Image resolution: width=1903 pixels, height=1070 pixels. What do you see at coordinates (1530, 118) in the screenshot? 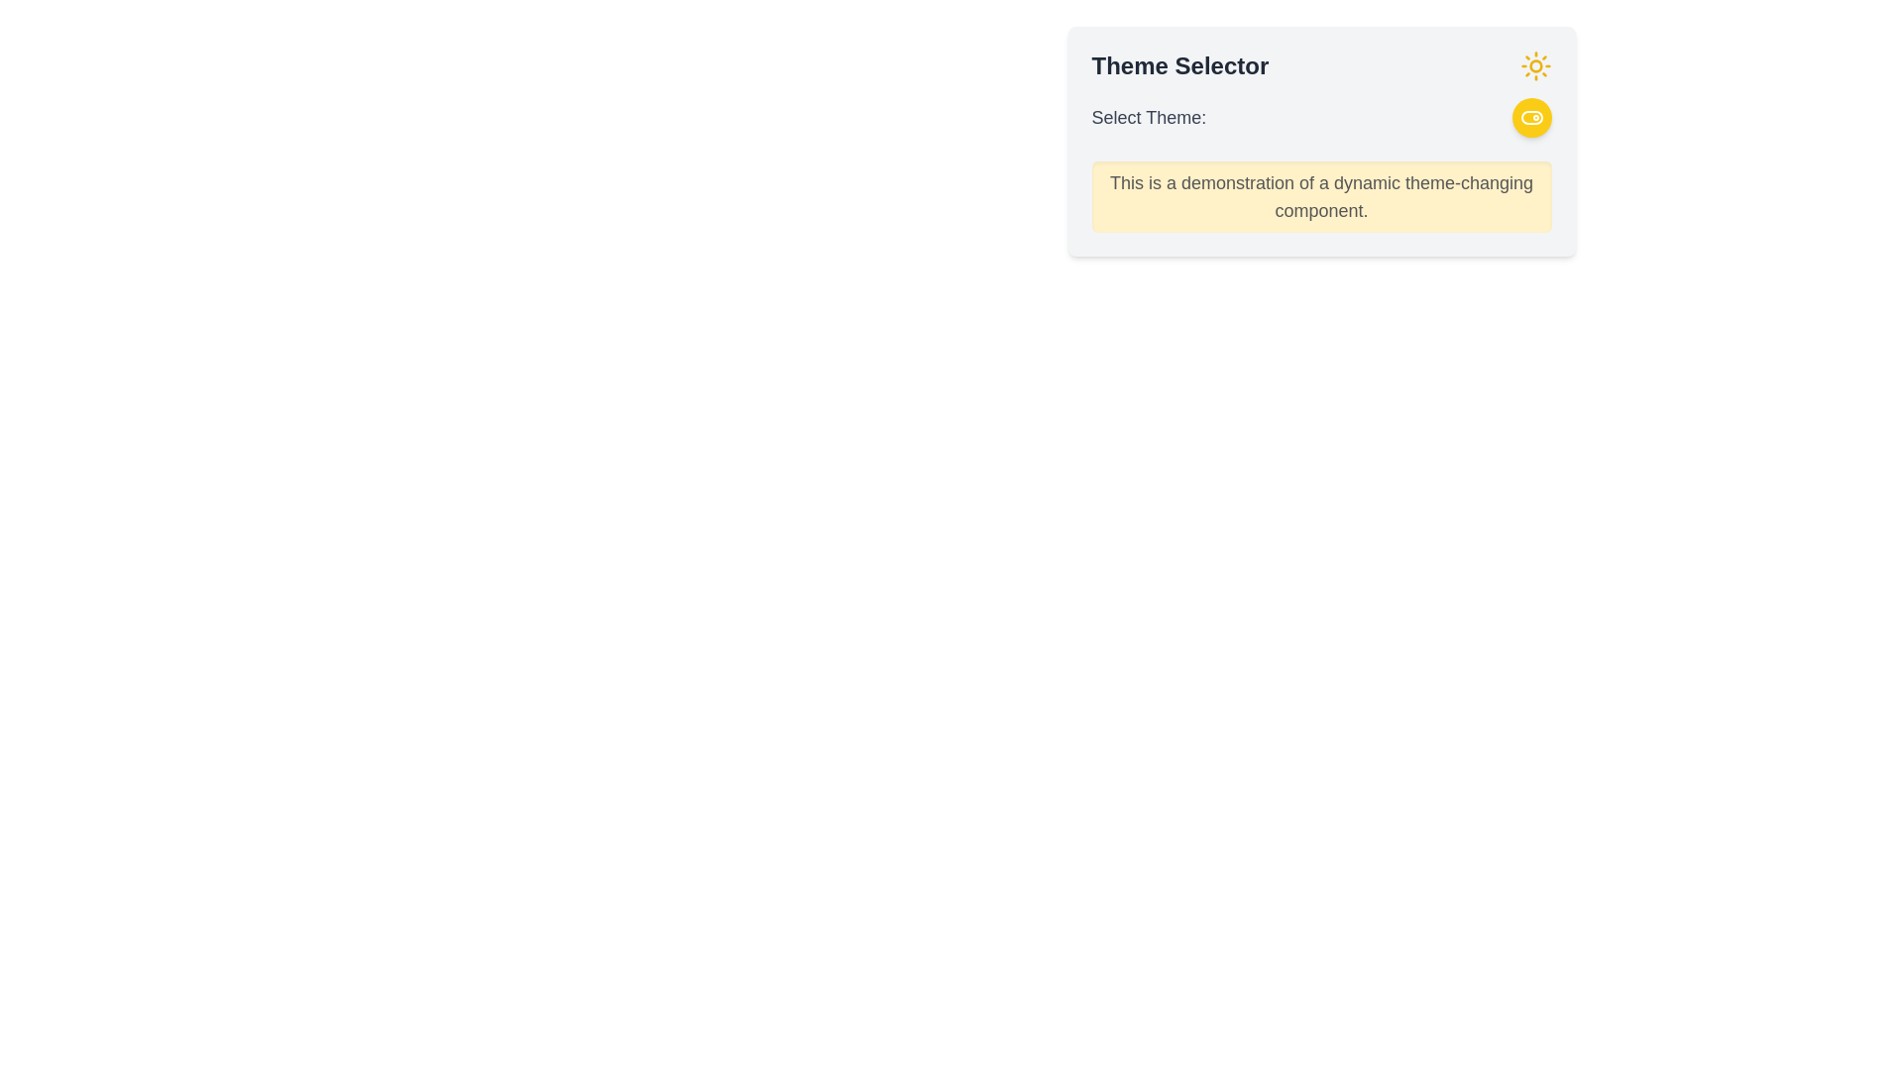
I see `the toggle switch located in the top-right section of the 'Theme Selector' card, which has a yellow background and a circular marker indicating an active state, for additional information` at bounding box center [1530, 118].